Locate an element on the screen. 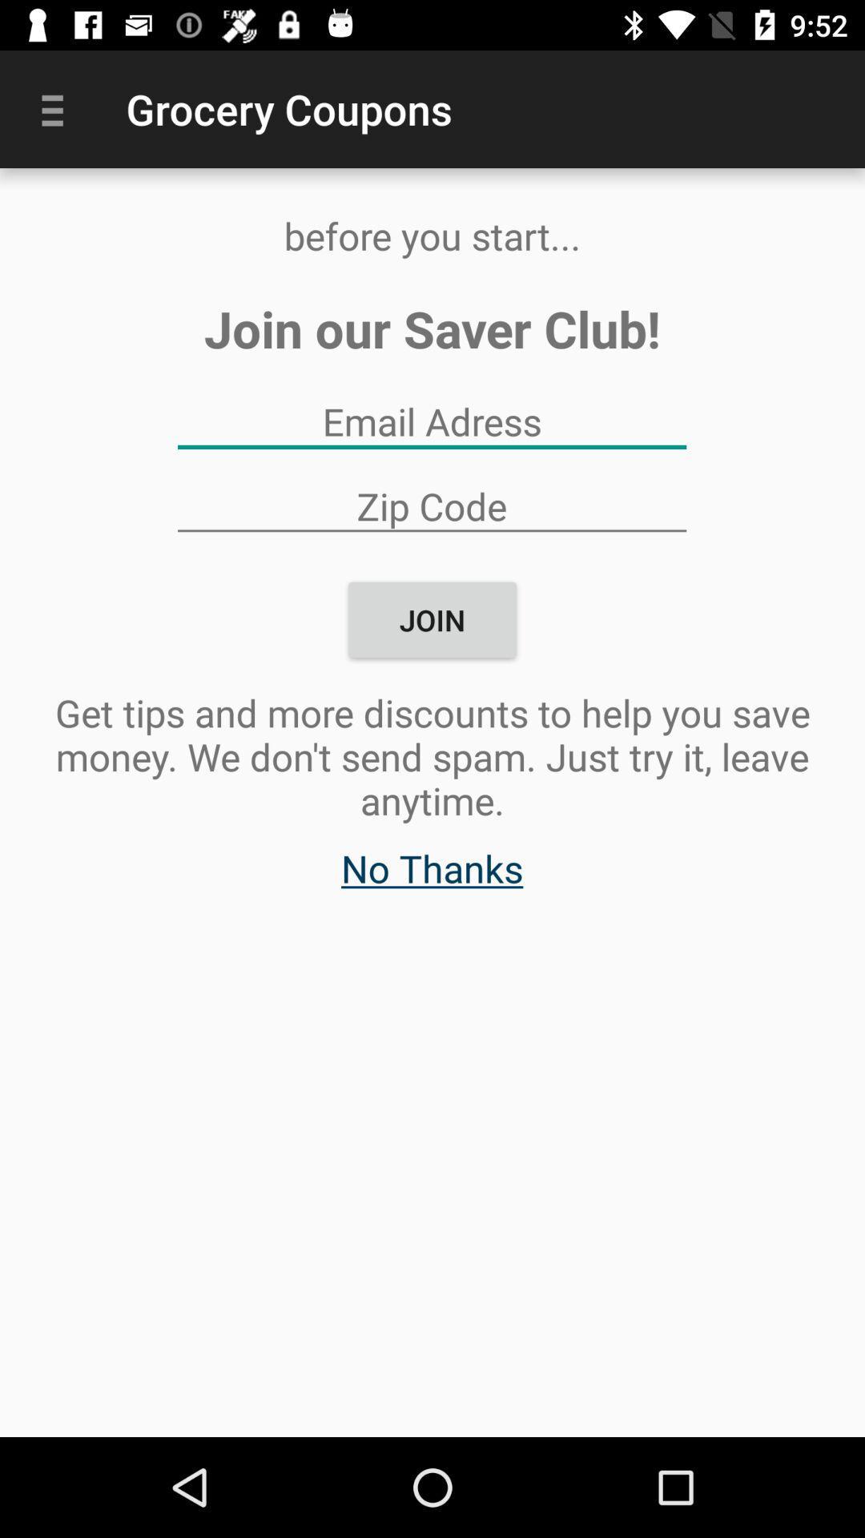  the app to the left of the grocery coupons app is located at coordinates (58, 108).